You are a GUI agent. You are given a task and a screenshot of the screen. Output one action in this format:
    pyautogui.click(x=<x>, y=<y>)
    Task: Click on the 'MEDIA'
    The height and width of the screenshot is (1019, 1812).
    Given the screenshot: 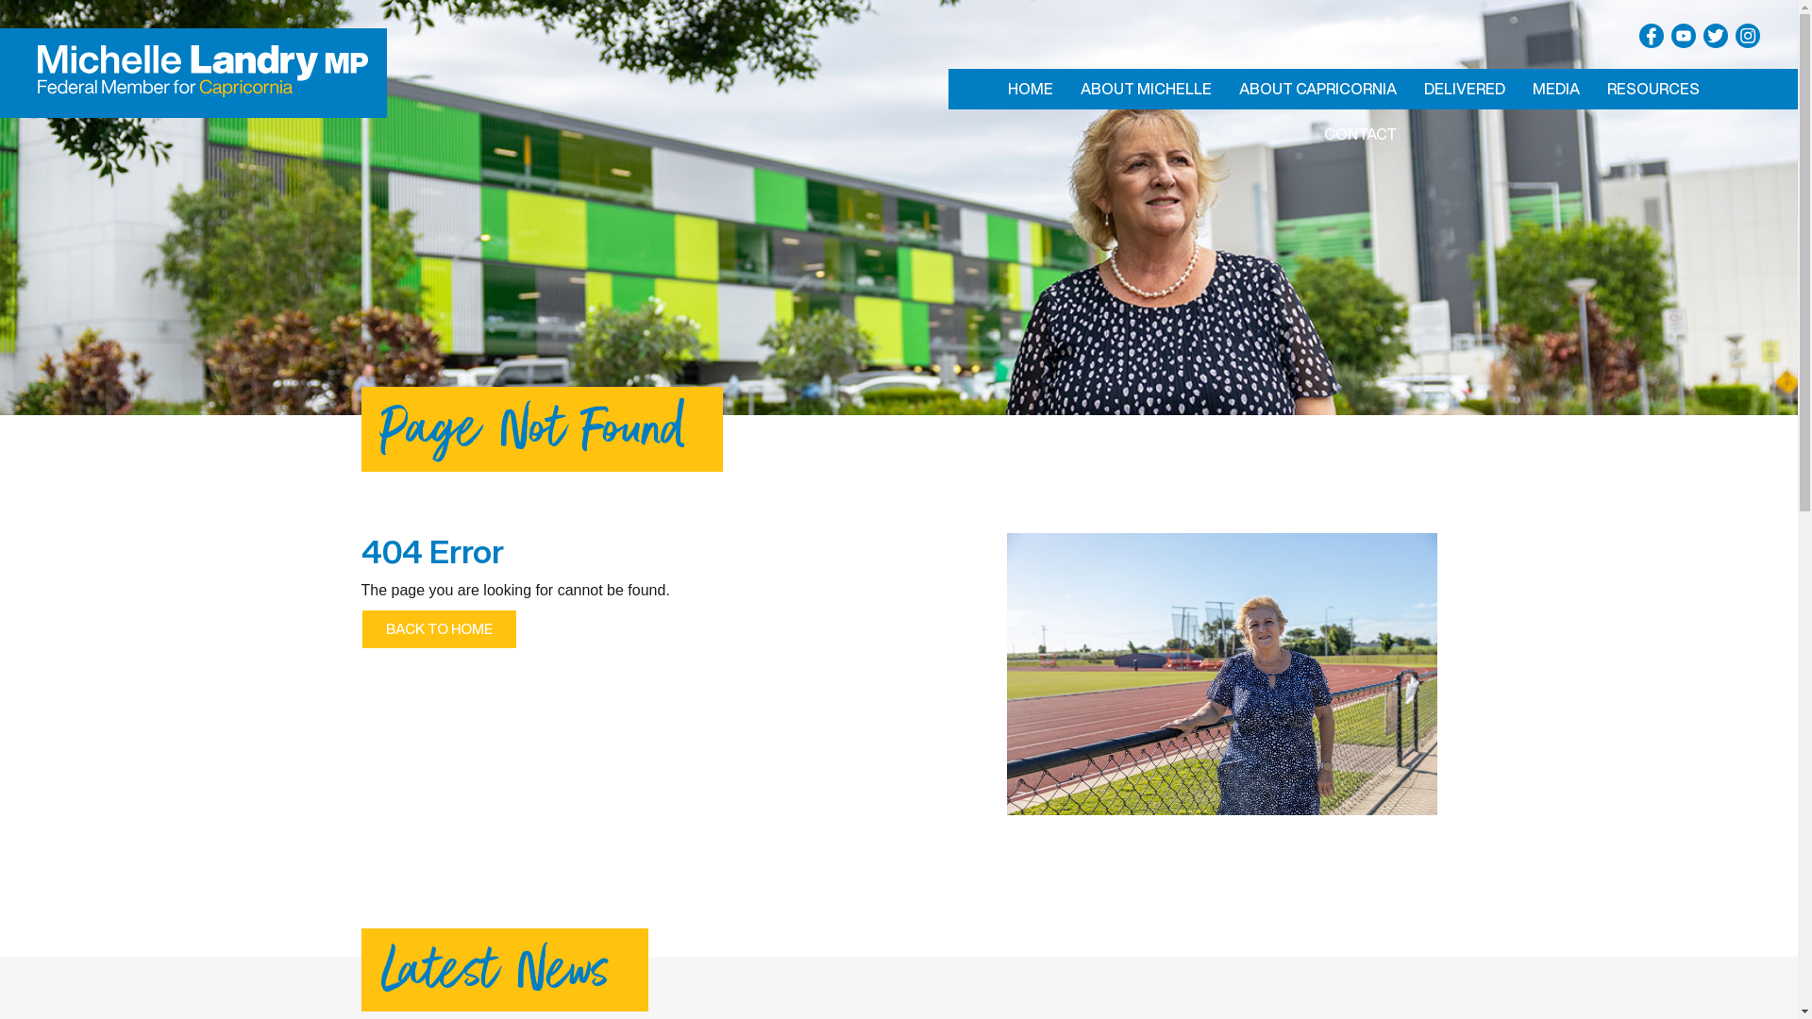 What is the action you would take?
    pyautogui.click(x=1554, y=89)
    